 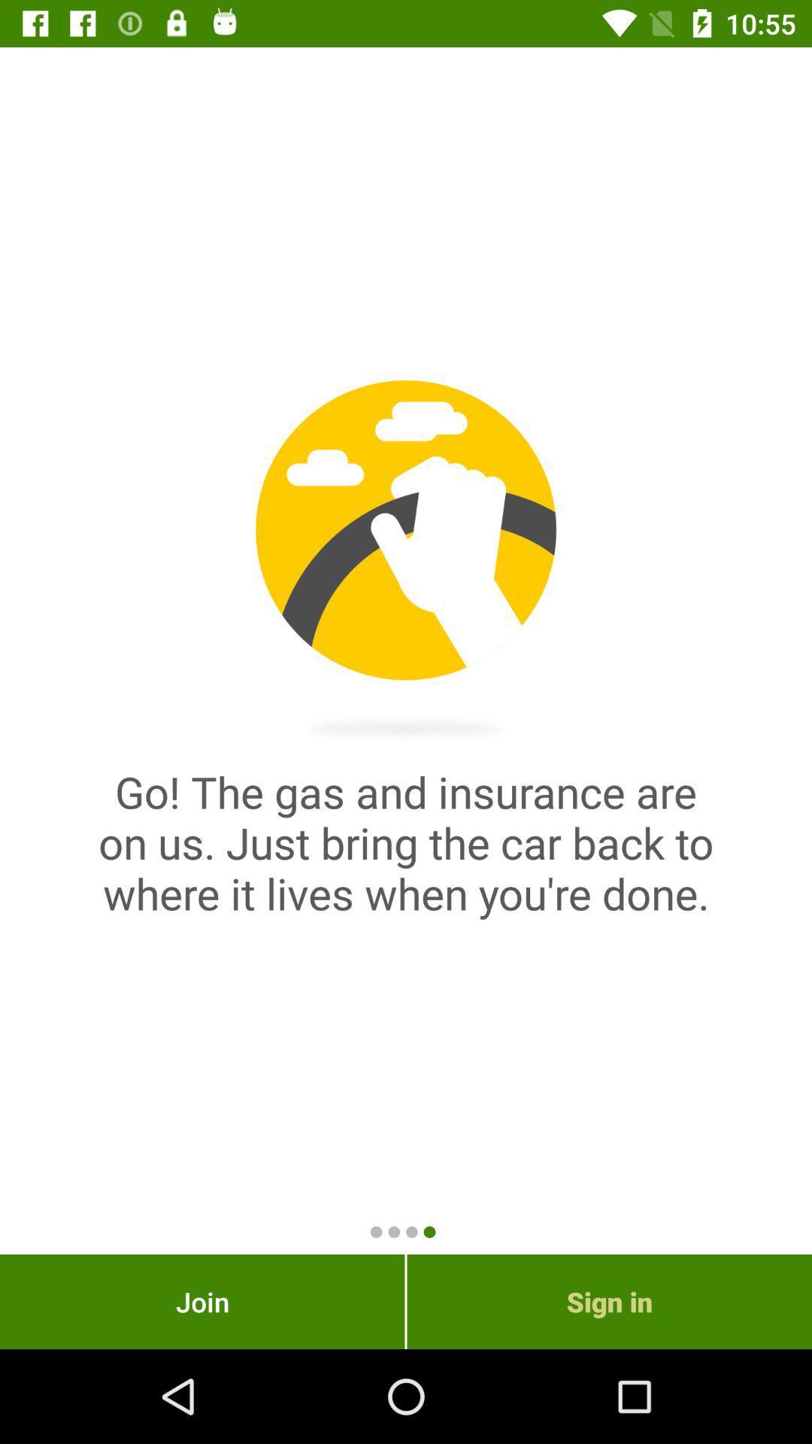 I want to click on icon next to the join, so click(x=609, y=1301).